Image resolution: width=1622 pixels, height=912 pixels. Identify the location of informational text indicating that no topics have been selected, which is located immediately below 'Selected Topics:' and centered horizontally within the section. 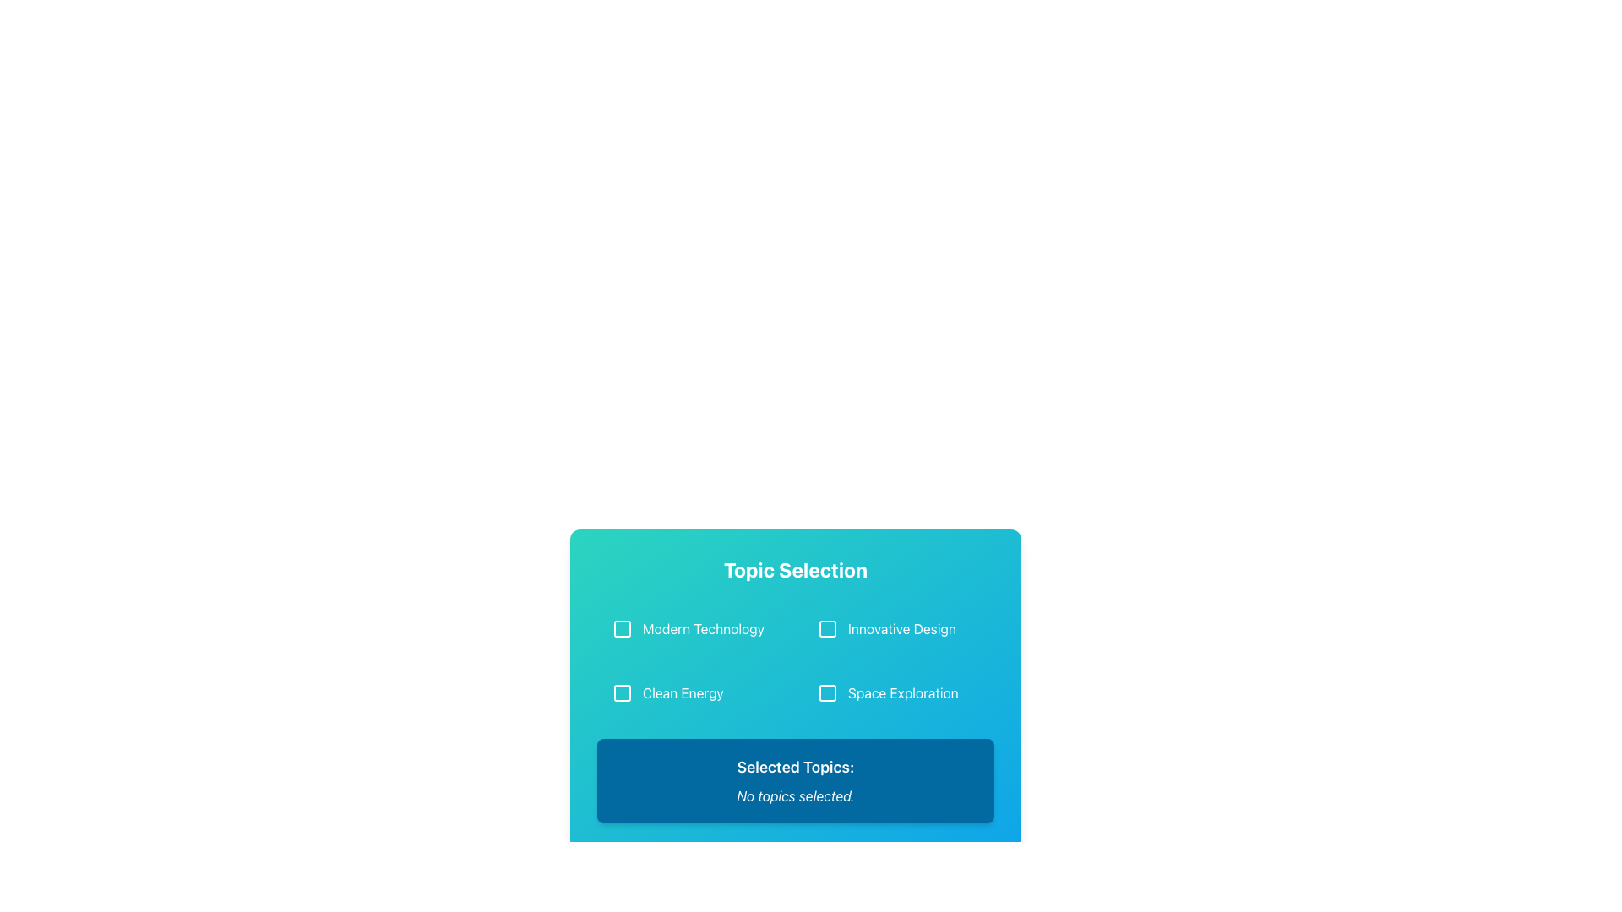
(794, 795).